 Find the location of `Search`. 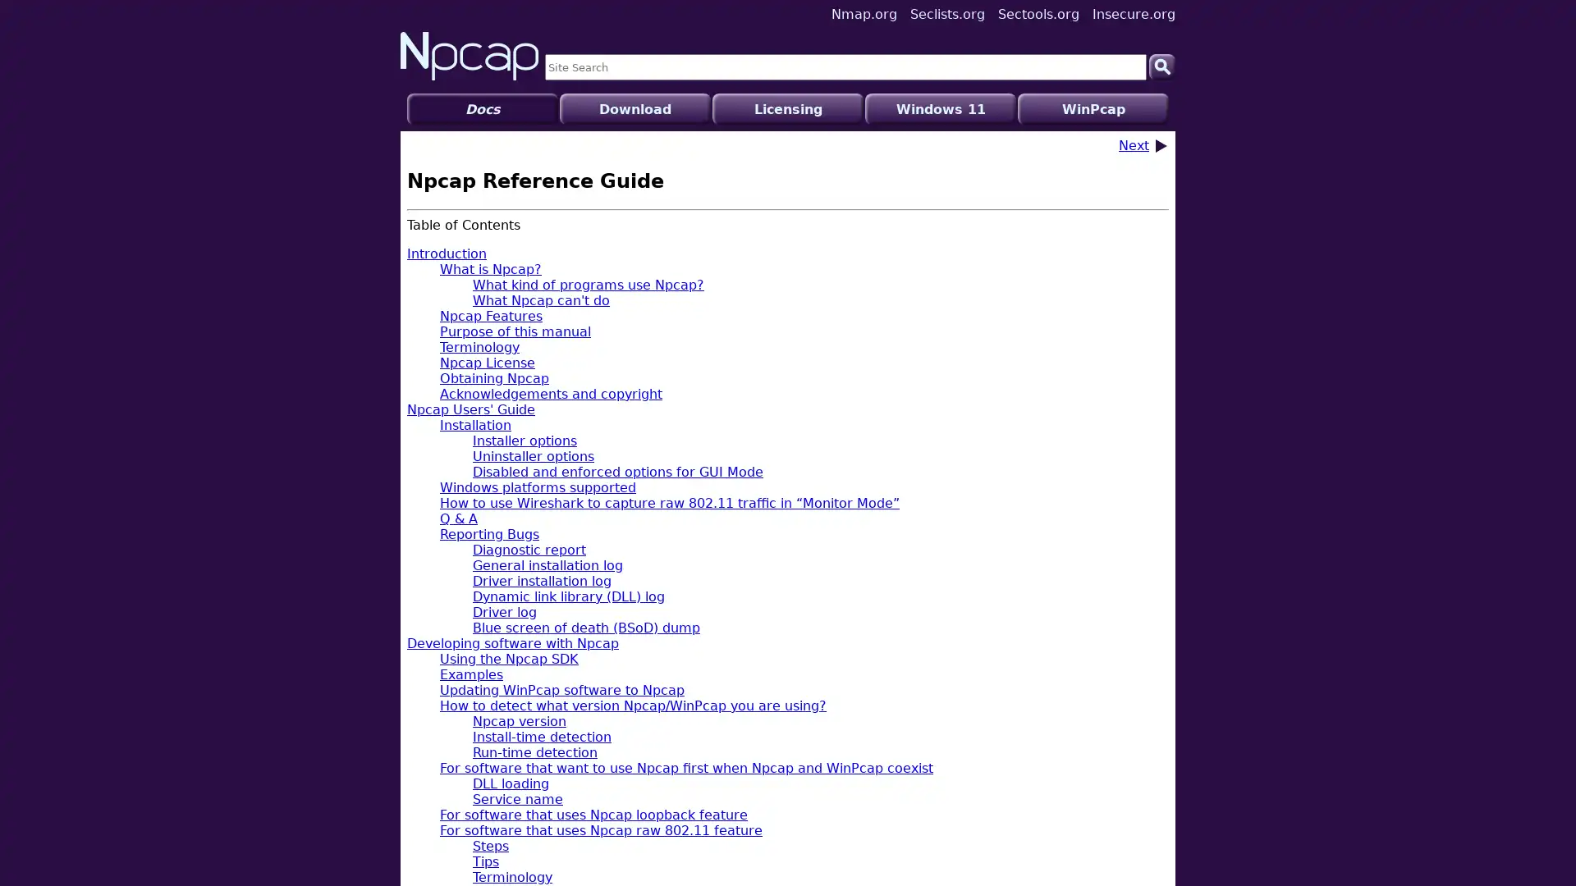

Search is located at coordinates (1161, 66).